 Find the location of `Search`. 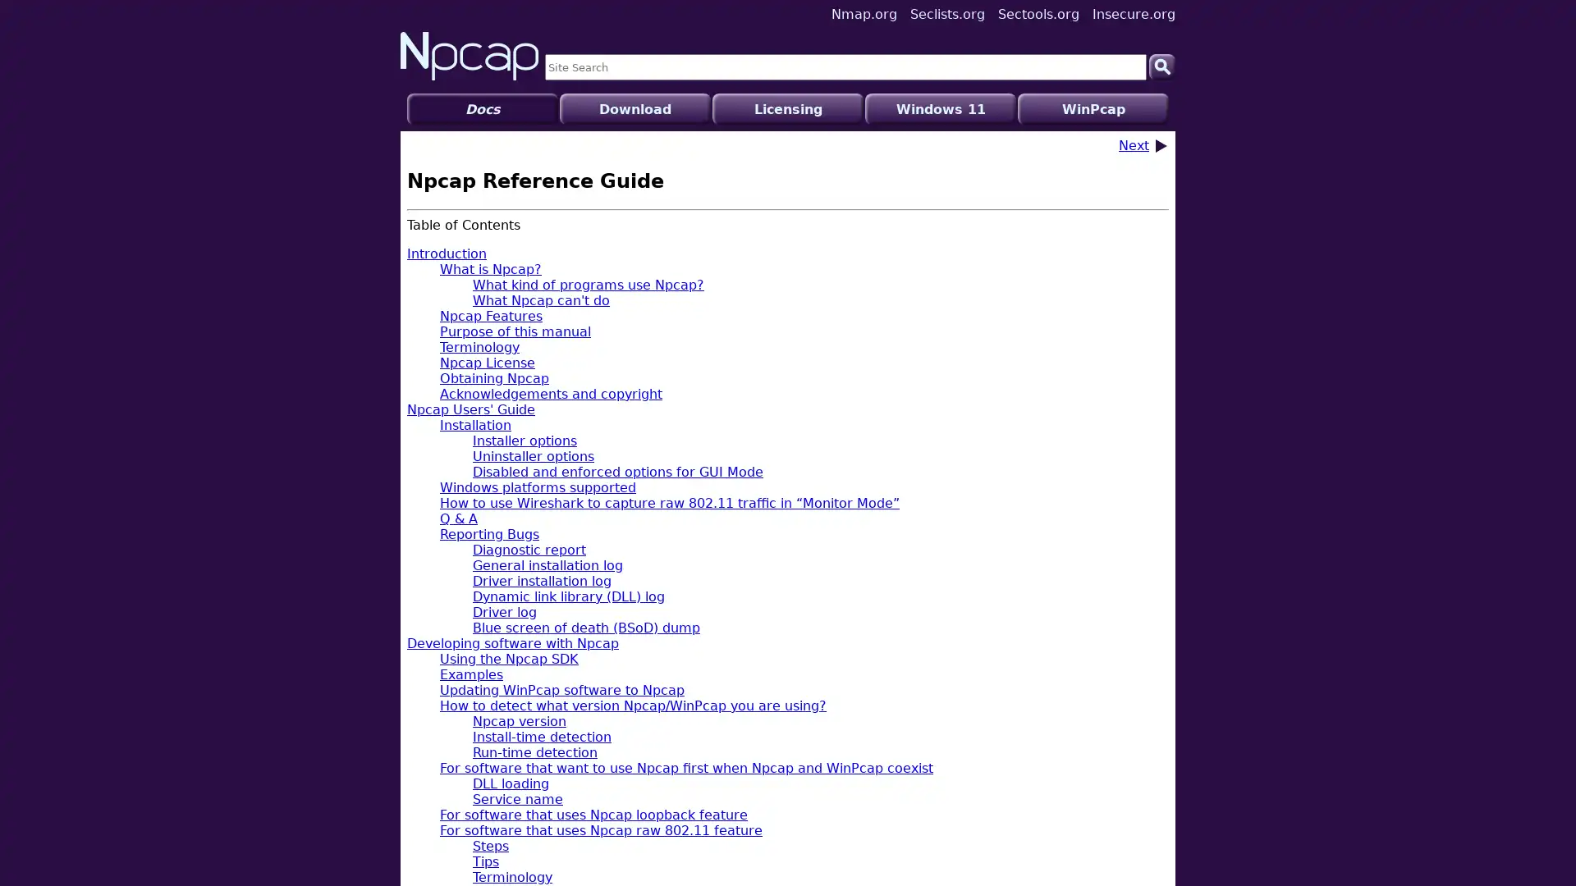

Search is located at coordinates (1161, 66).